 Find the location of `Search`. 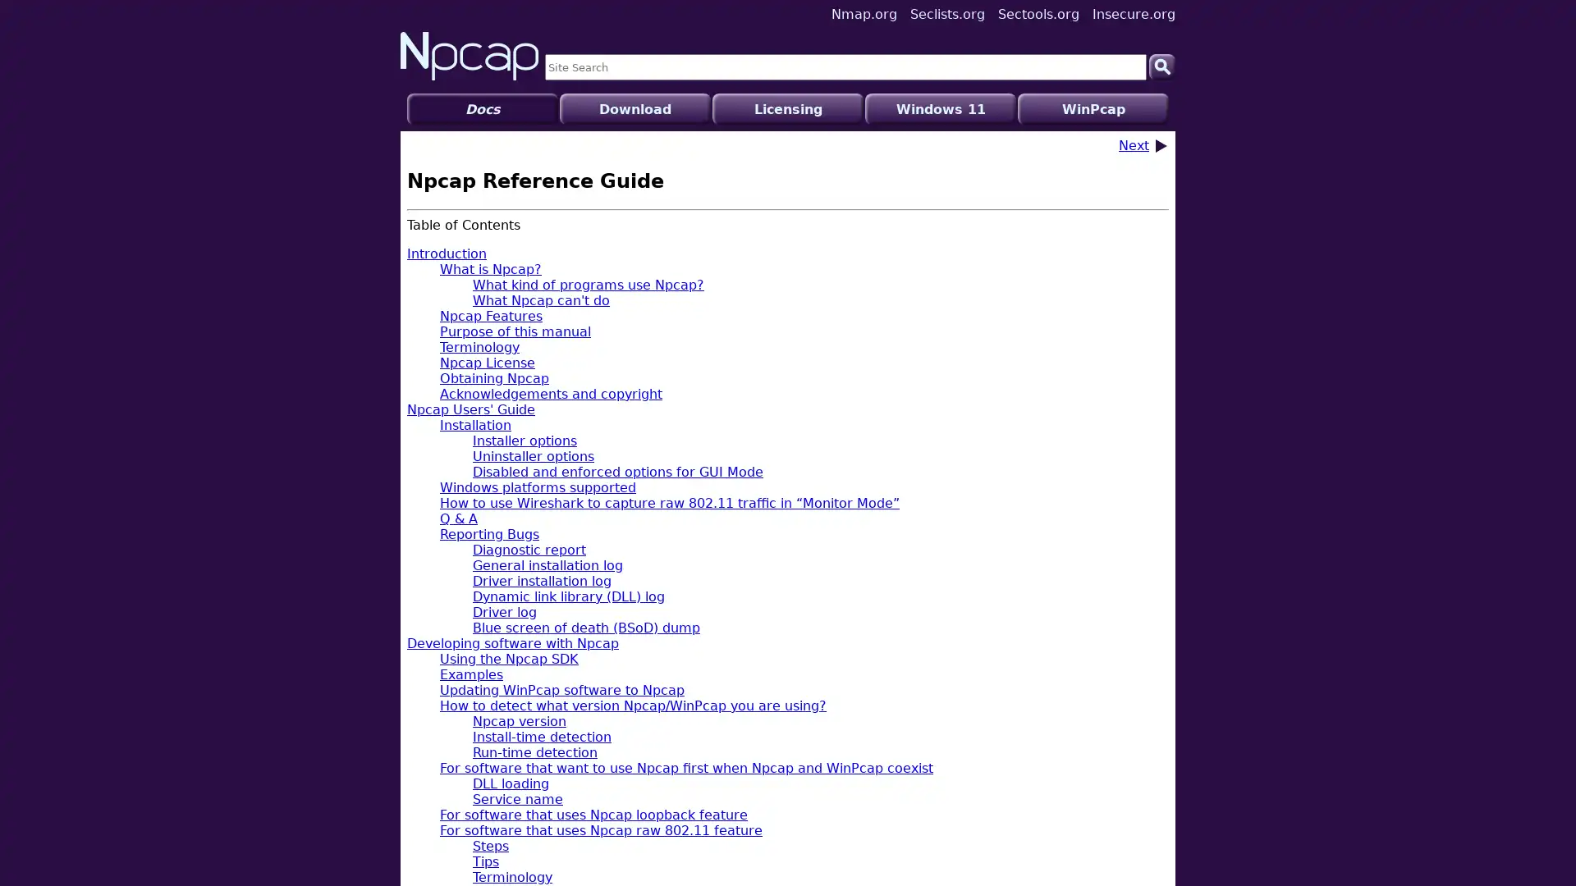

Search is located at coordinates (1161, 66).